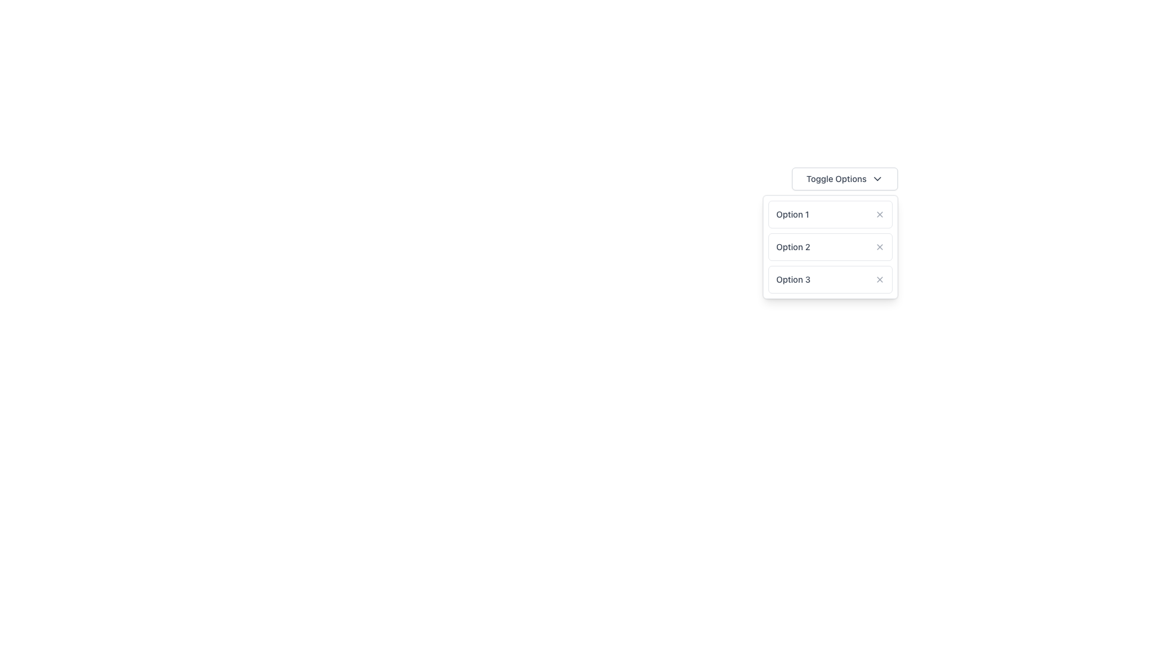 This screenshot has width=1158, height=651. I want to click on the text label displaying 'Option 3', which is the third option in a vertically stacked list of options, so click(793, 279).